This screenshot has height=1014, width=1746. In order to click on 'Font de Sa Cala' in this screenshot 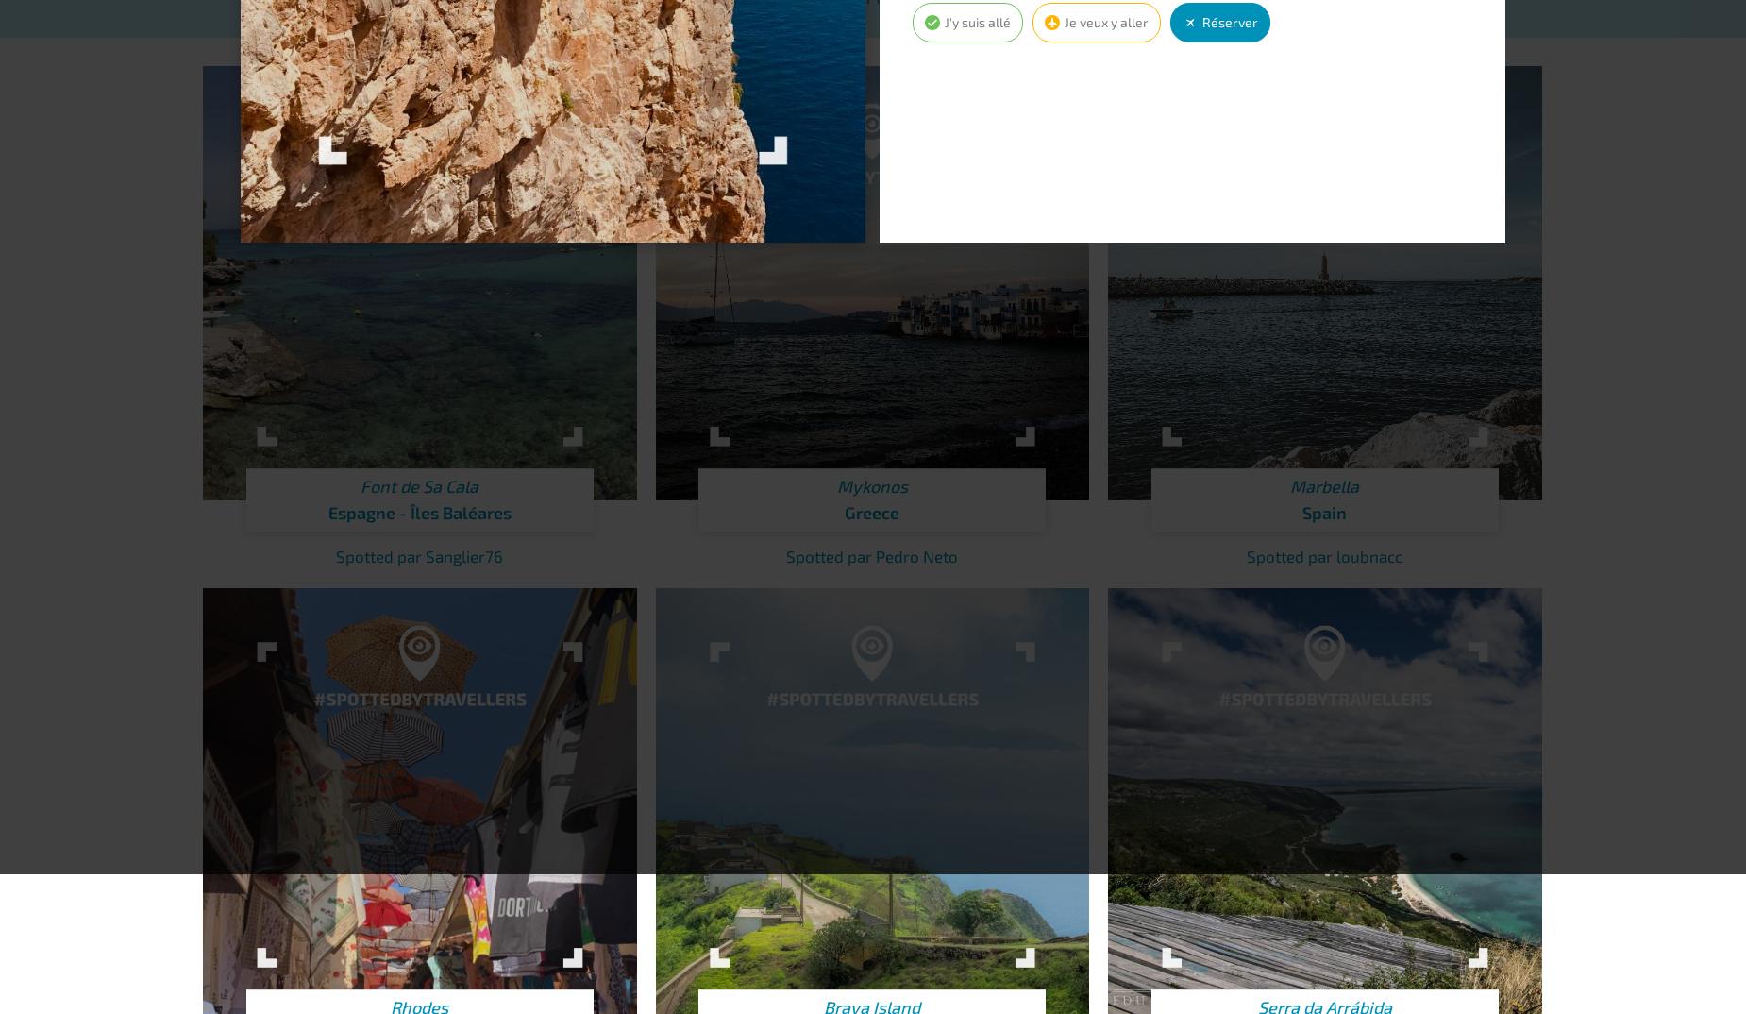, I will do `click(418, 485)`.